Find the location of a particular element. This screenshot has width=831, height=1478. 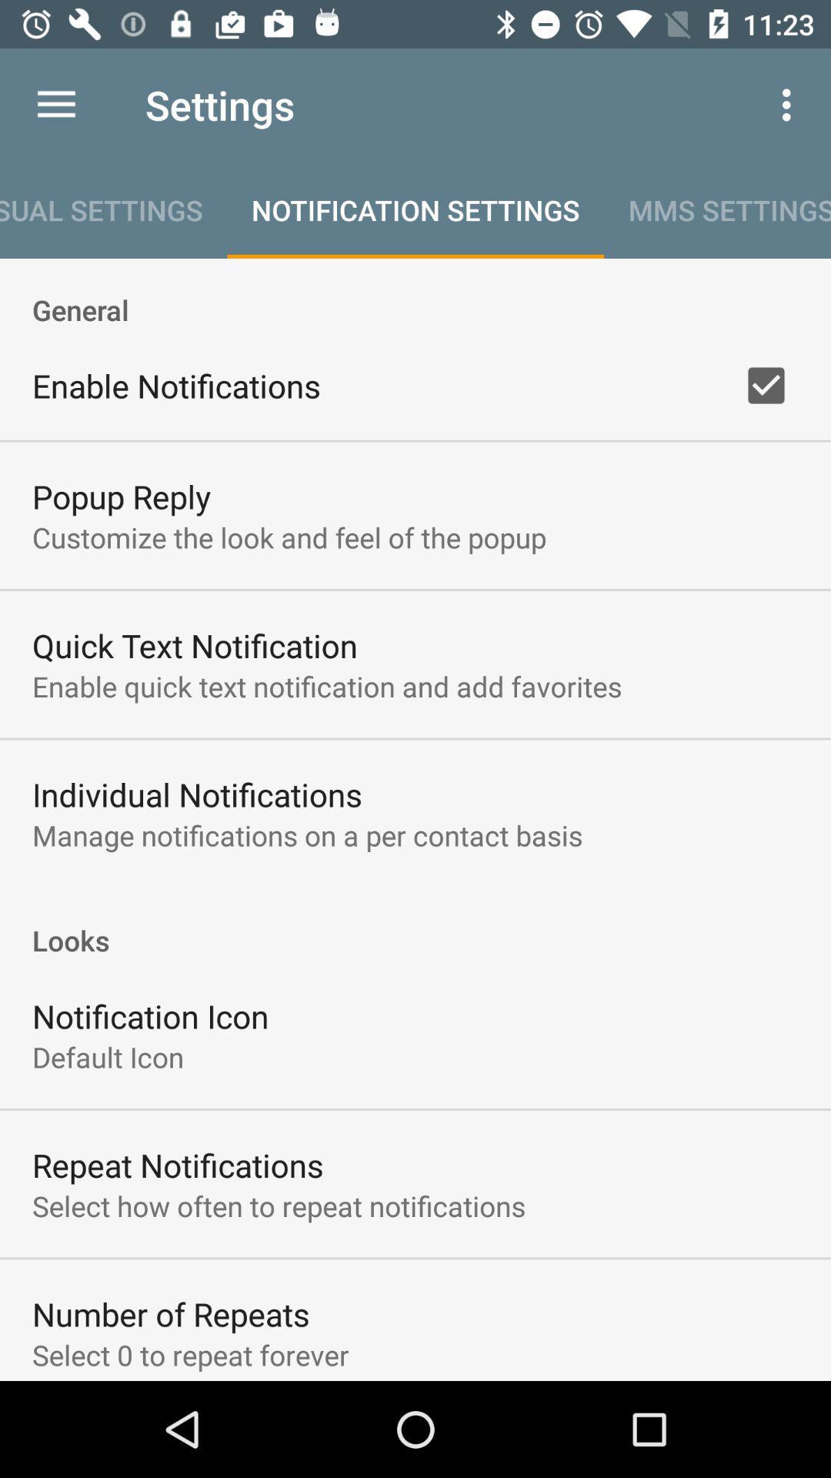

icon below the repeat notifications icon is located at coordinates (279, 1205).